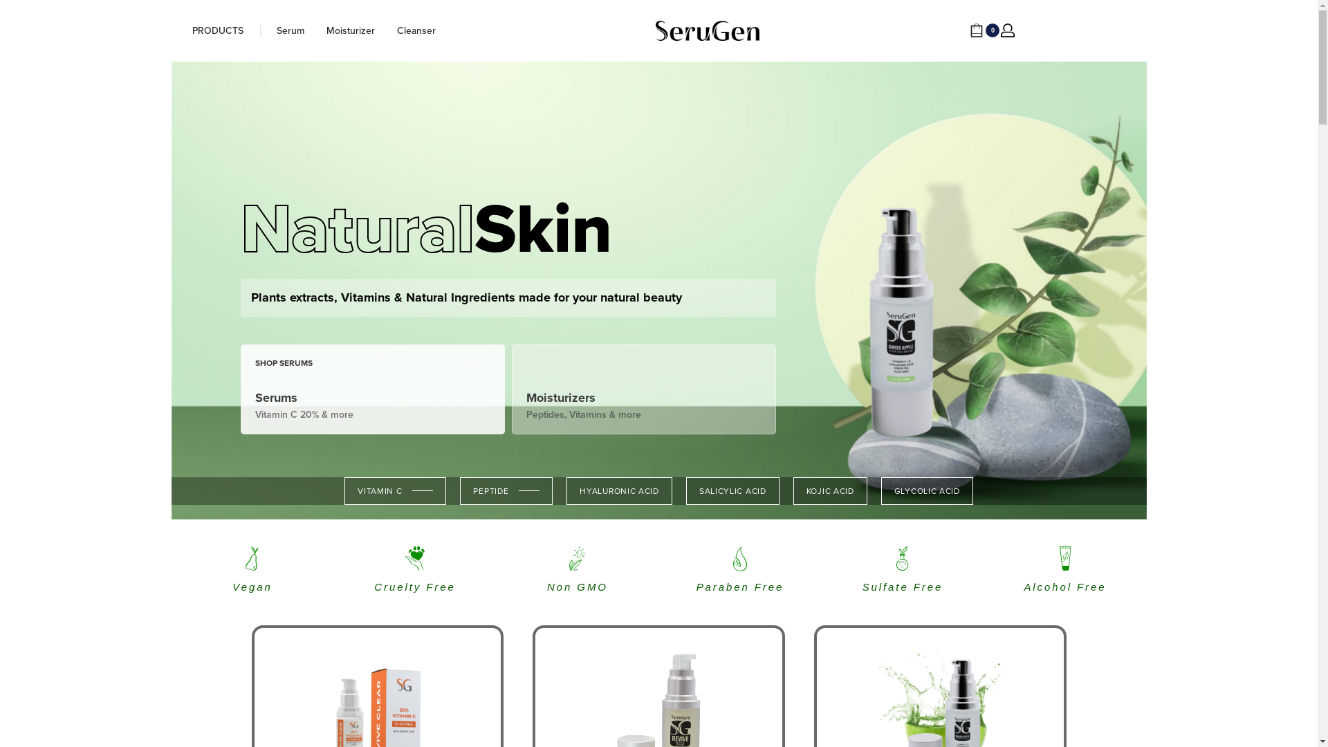 Image resolution: width=1328 pixels, height=747 pixels. What do you see at coordinates (290, 31) in the screenshot?
I see `'Serum'` at bounding box center [290, 31].